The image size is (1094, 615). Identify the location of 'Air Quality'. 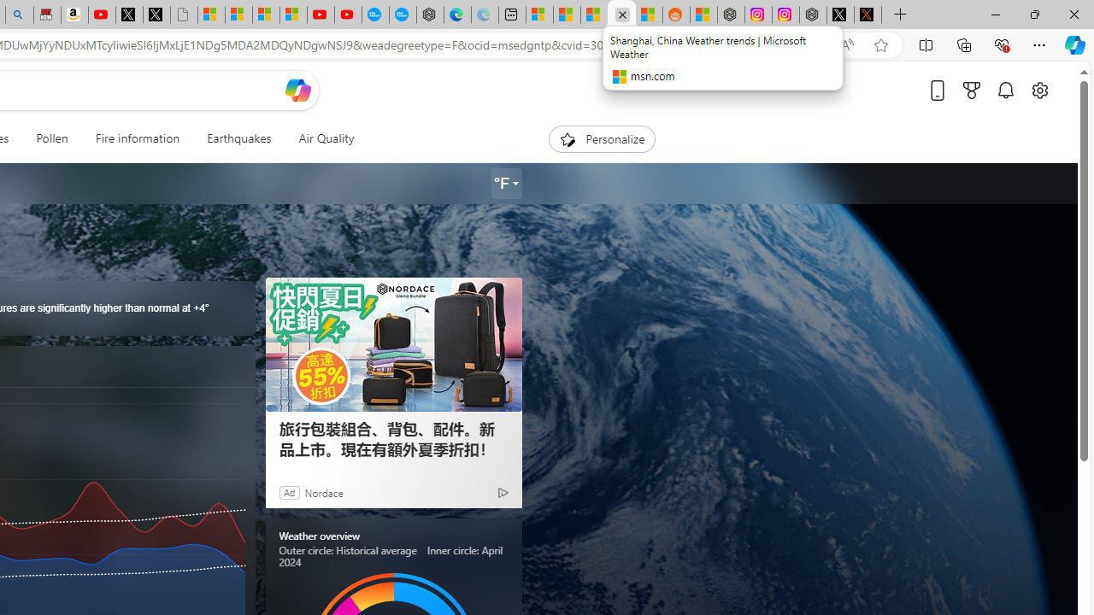
(319, 138).